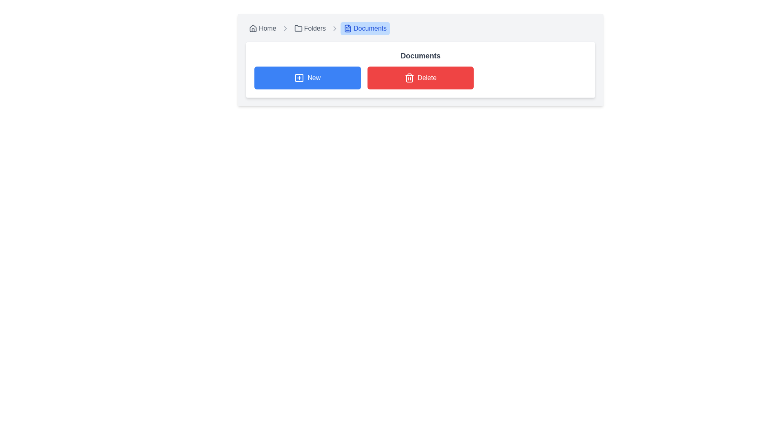 The height and width of the screenshot is (441, 784). Describe the element at coordinates (267, 28) in the screenshot. I see `the 'Home' text label in the breadcrumb navigation bar, which indicates the current or starting point in the navigation hierarchy` at that location.